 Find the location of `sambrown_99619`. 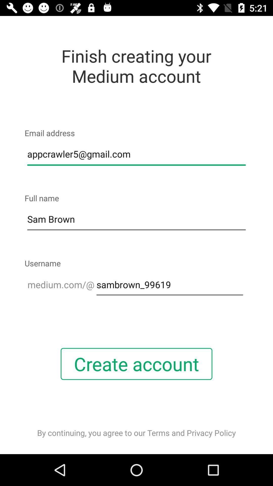

sambrown_99619 is located at coordinates (170, 285).